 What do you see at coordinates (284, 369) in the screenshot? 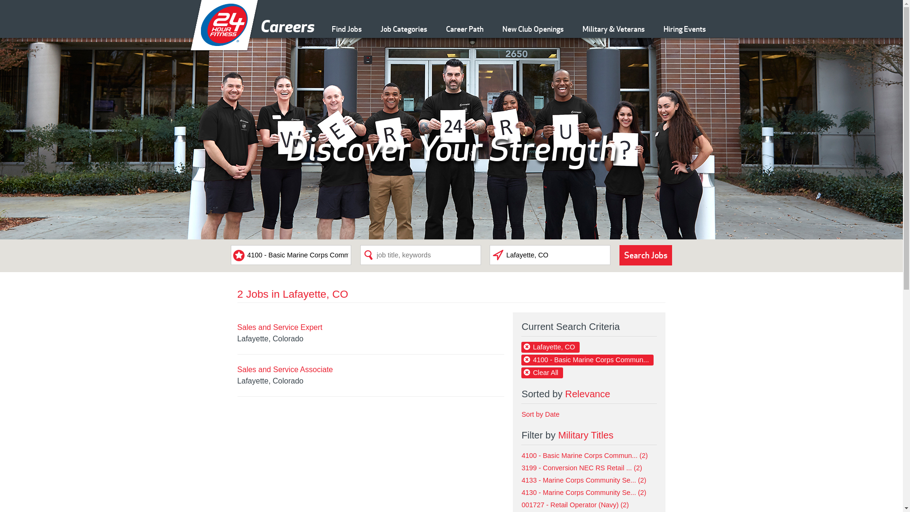
I see `'Sales and Service Associate'` at bounding box center [284, 369].